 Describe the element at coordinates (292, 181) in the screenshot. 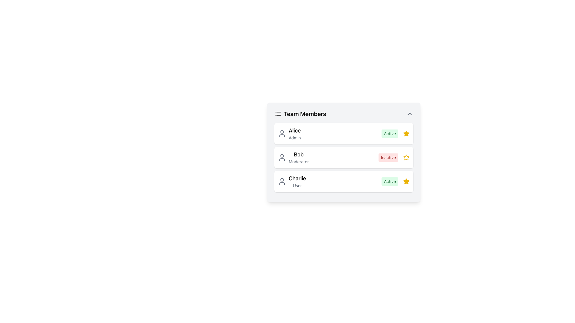

I see `the third Profile Display element in the vertical list under the 'Team Members' header` at that location.